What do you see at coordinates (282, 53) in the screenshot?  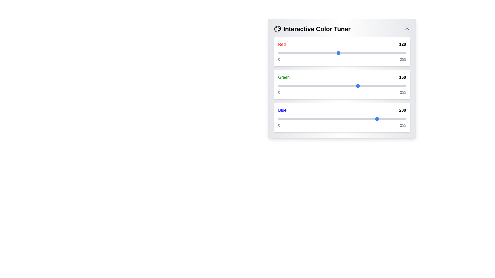 I see `the red color intensity` at bounding box center [282, 53].